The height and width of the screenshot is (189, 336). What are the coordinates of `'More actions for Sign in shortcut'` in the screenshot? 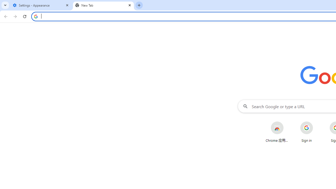 It's located at (317, 122).